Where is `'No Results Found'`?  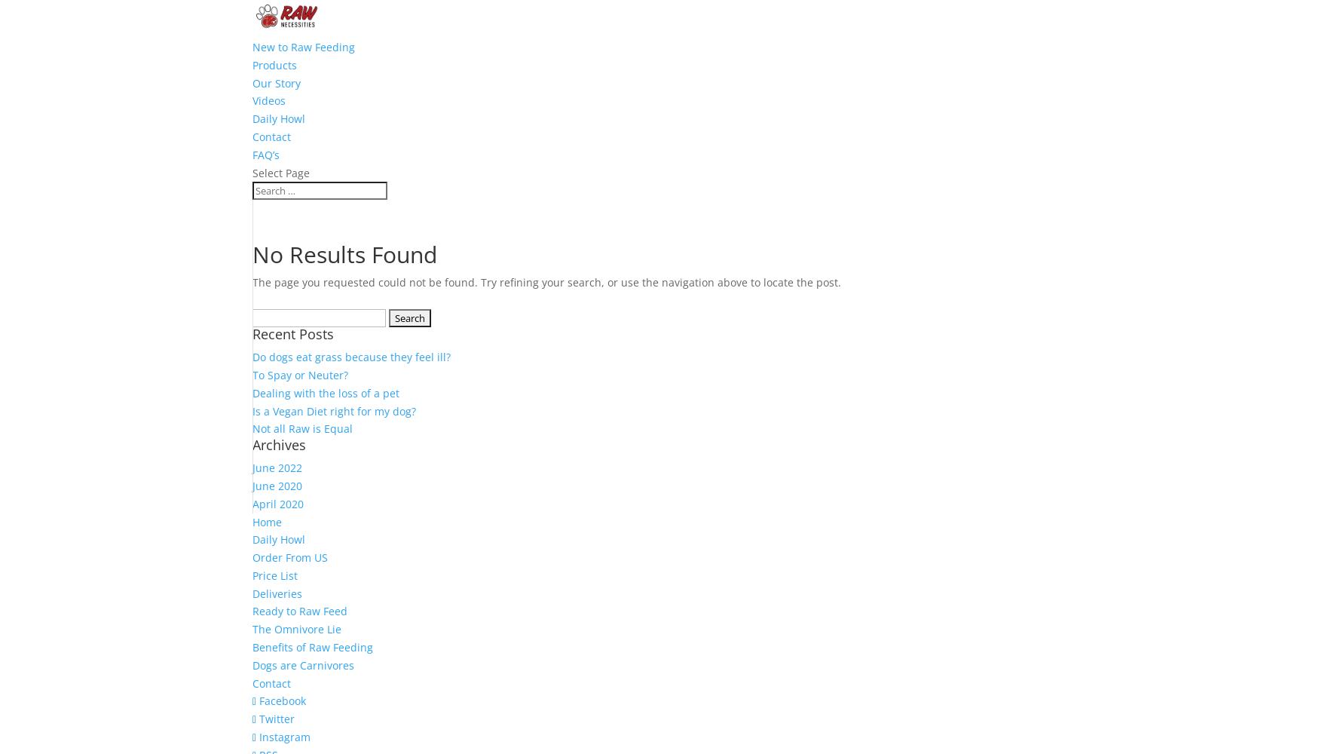 'No Results Found' is located at coordinates (344, 253).